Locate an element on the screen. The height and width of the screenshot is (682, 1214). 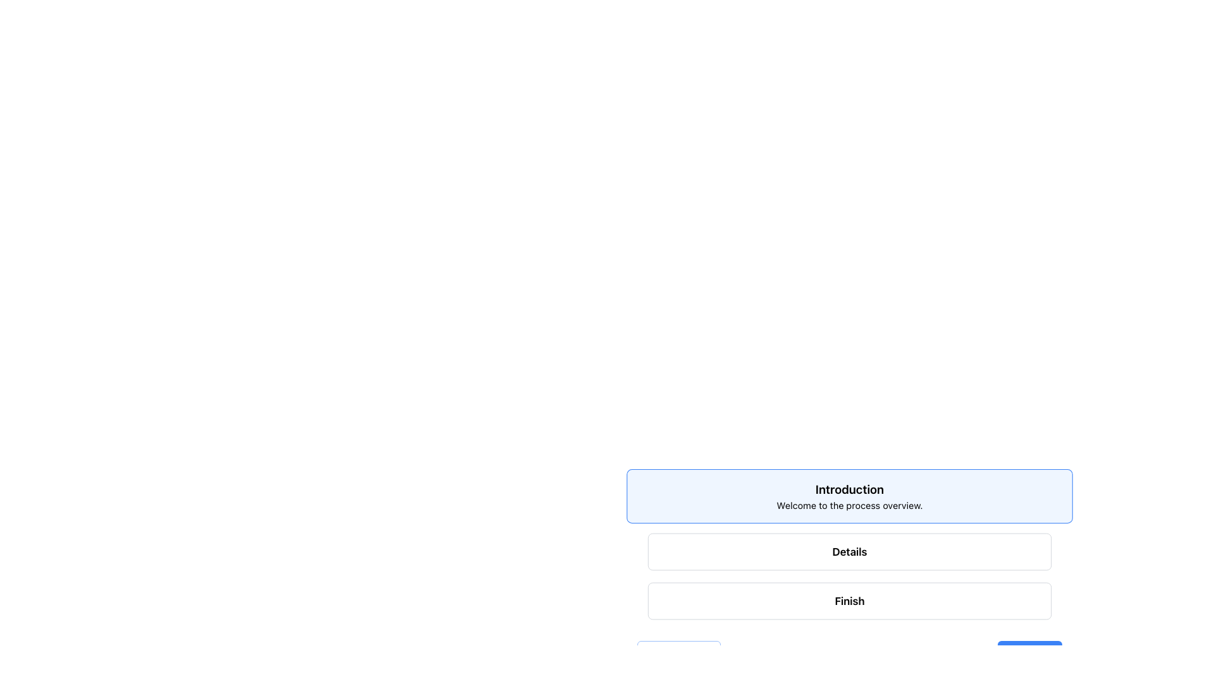
the navigation button located at the bottom left of the interface, which takes the user to the previous step or page is located at coordinates (678, 654).